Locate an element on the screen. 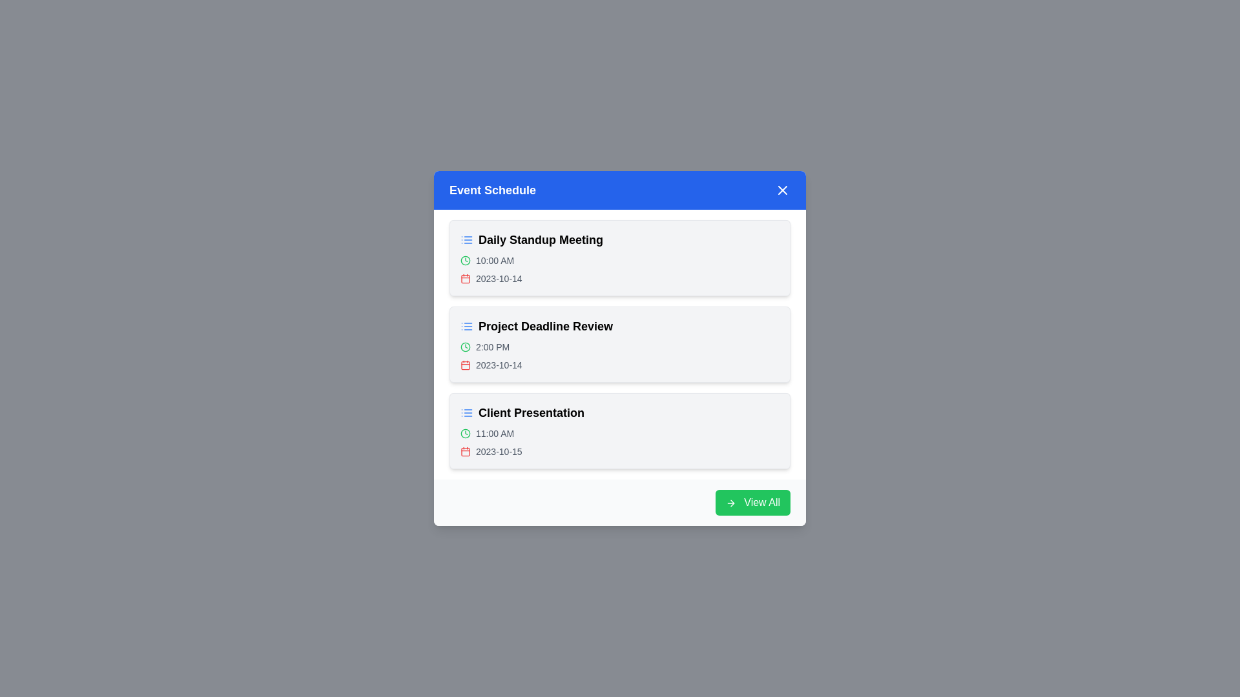 The width and height of the screenshot is (1240, 697). the close button located at the top-right corner of the 'Event Schedule' interface card is located at coordinates (781, 190).